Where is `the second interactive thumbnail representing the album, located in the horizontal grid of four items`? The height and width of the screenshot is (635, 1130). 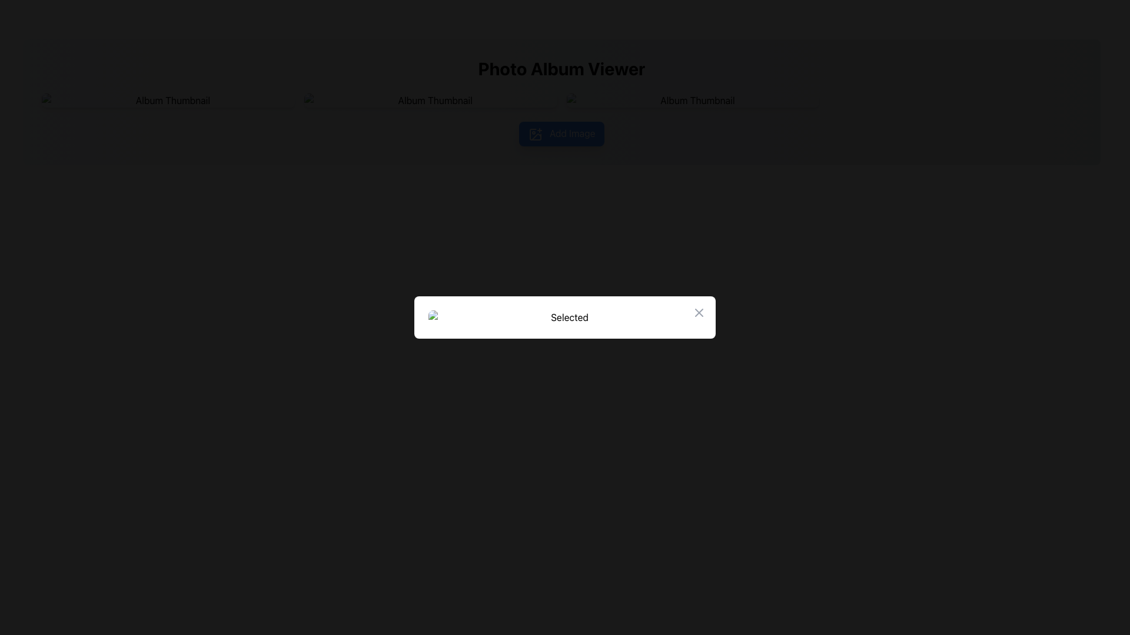 the second interactive thumbnail representing the album, located in the horizontal grid of four items is located at coordinates (430, 99).